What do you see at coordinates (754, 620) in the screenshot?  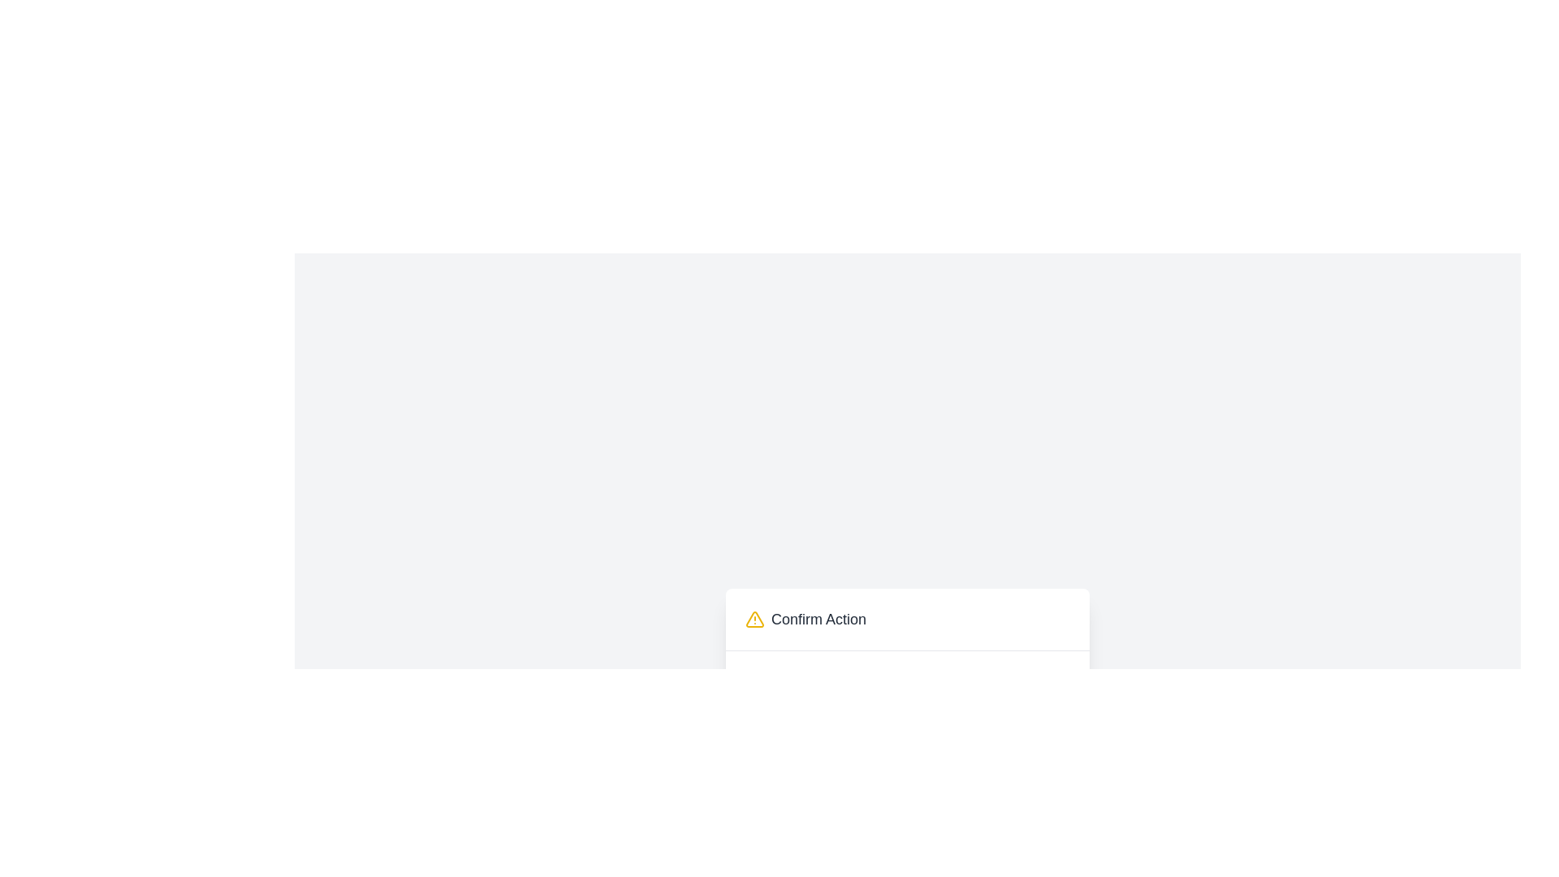 I see `the warning or alert icon located at the bottom center of the dialog box, next to the 'Confirm Action' text` at bounding box center [754, 620].